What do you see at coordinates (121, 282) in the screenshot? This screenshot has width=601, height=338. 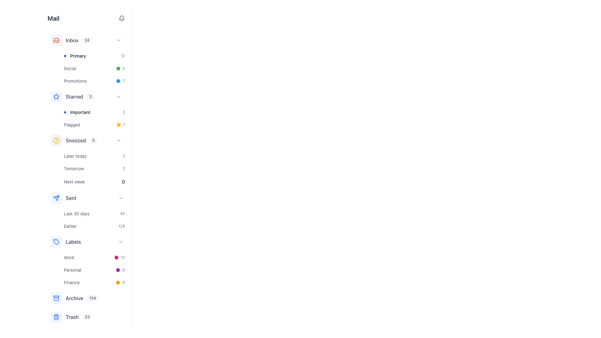 I see `the orange circular indicator with the numeric text '4' in the lower section of the left sidebar under the 'Finance' category` at bounding box center [121, 282].